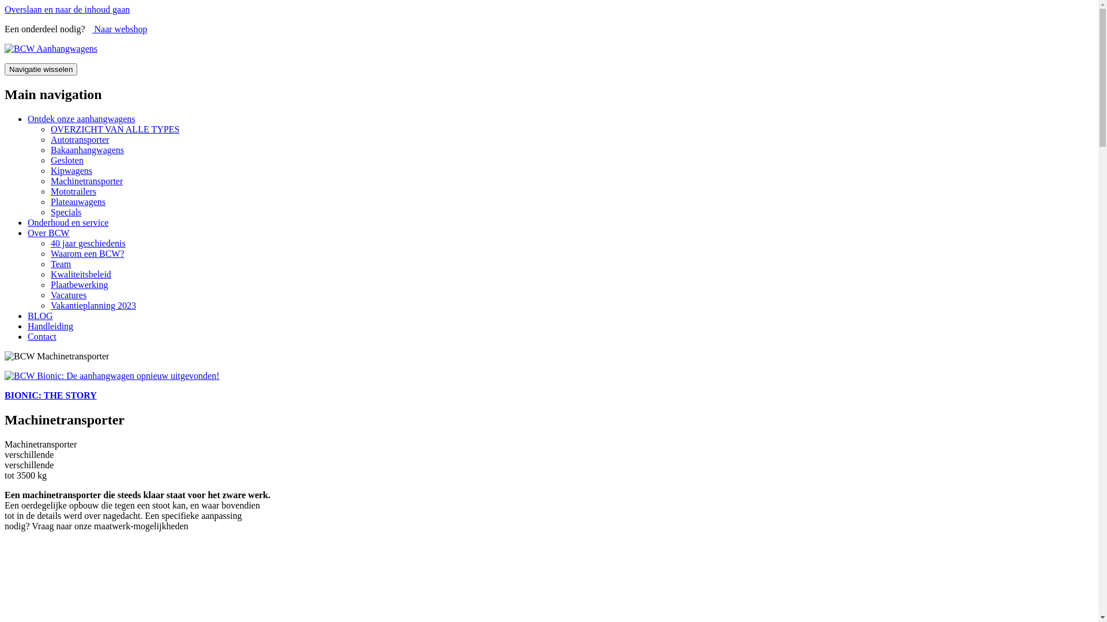 This screenshot has height=622, width=1107. What do you see at coordinates (87, 253) in the screenshot?
I see `'Waarom een BCW?'` at bounding box center [87, 253].